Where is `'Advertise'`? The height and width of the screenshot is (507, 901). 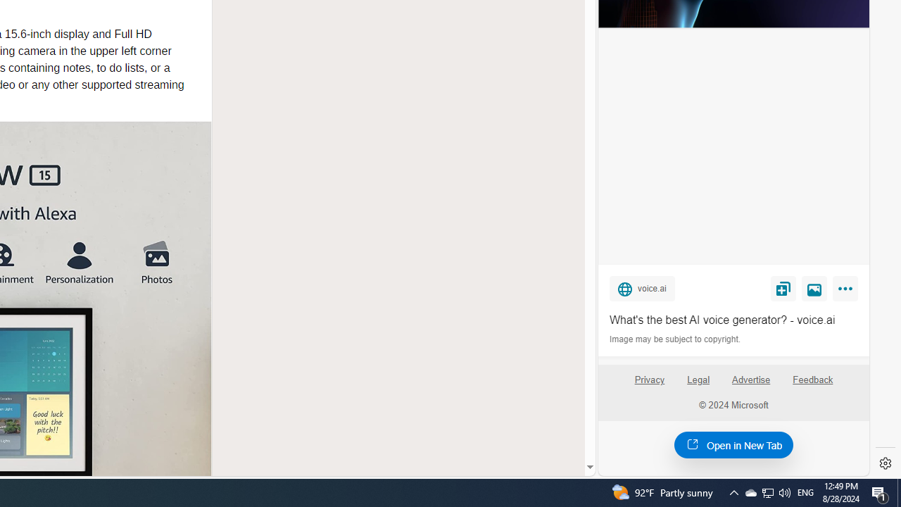
'Advertise' is located at coordinates (750, 379).